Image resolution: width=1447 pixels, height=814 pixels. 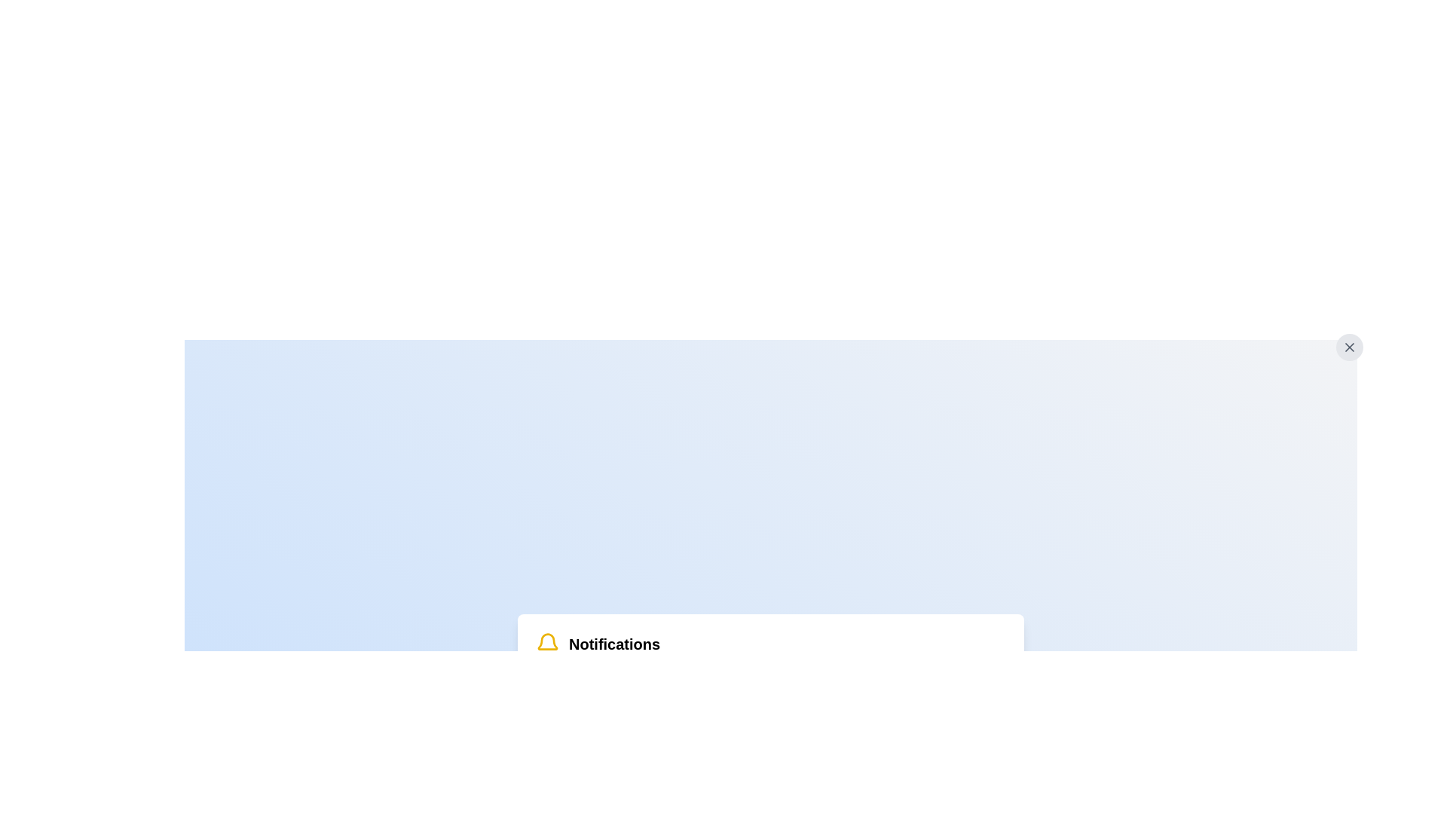 What do you see at coordinates (1349, 347) in the screenshot?
I see `the close button located in the top-right corner of the white rounded notification card` at bounding box center [1349, 347].